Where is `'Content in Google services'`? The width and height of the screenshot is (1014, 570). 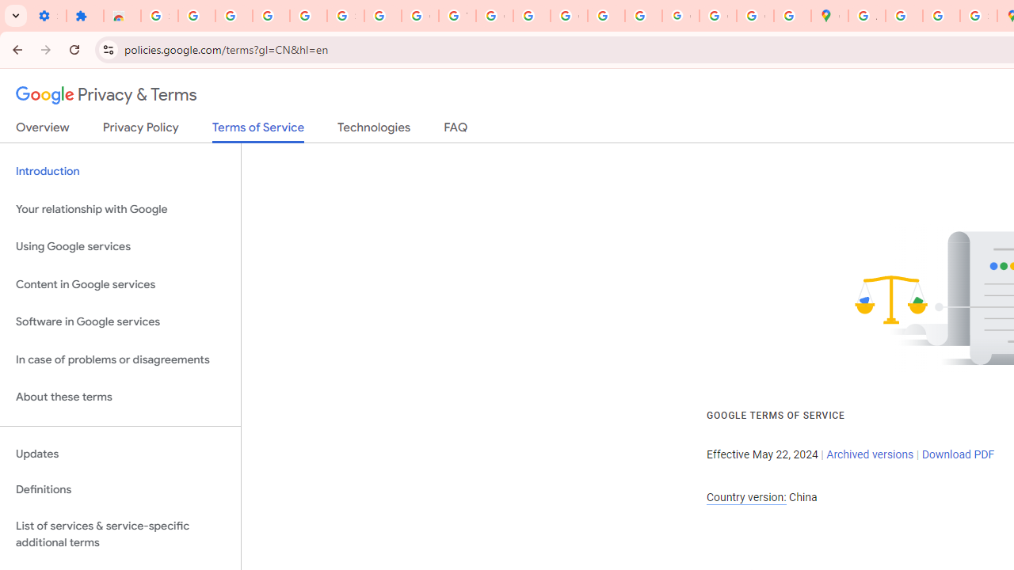 'Content in Google services' is located at coordinates (120, 283).